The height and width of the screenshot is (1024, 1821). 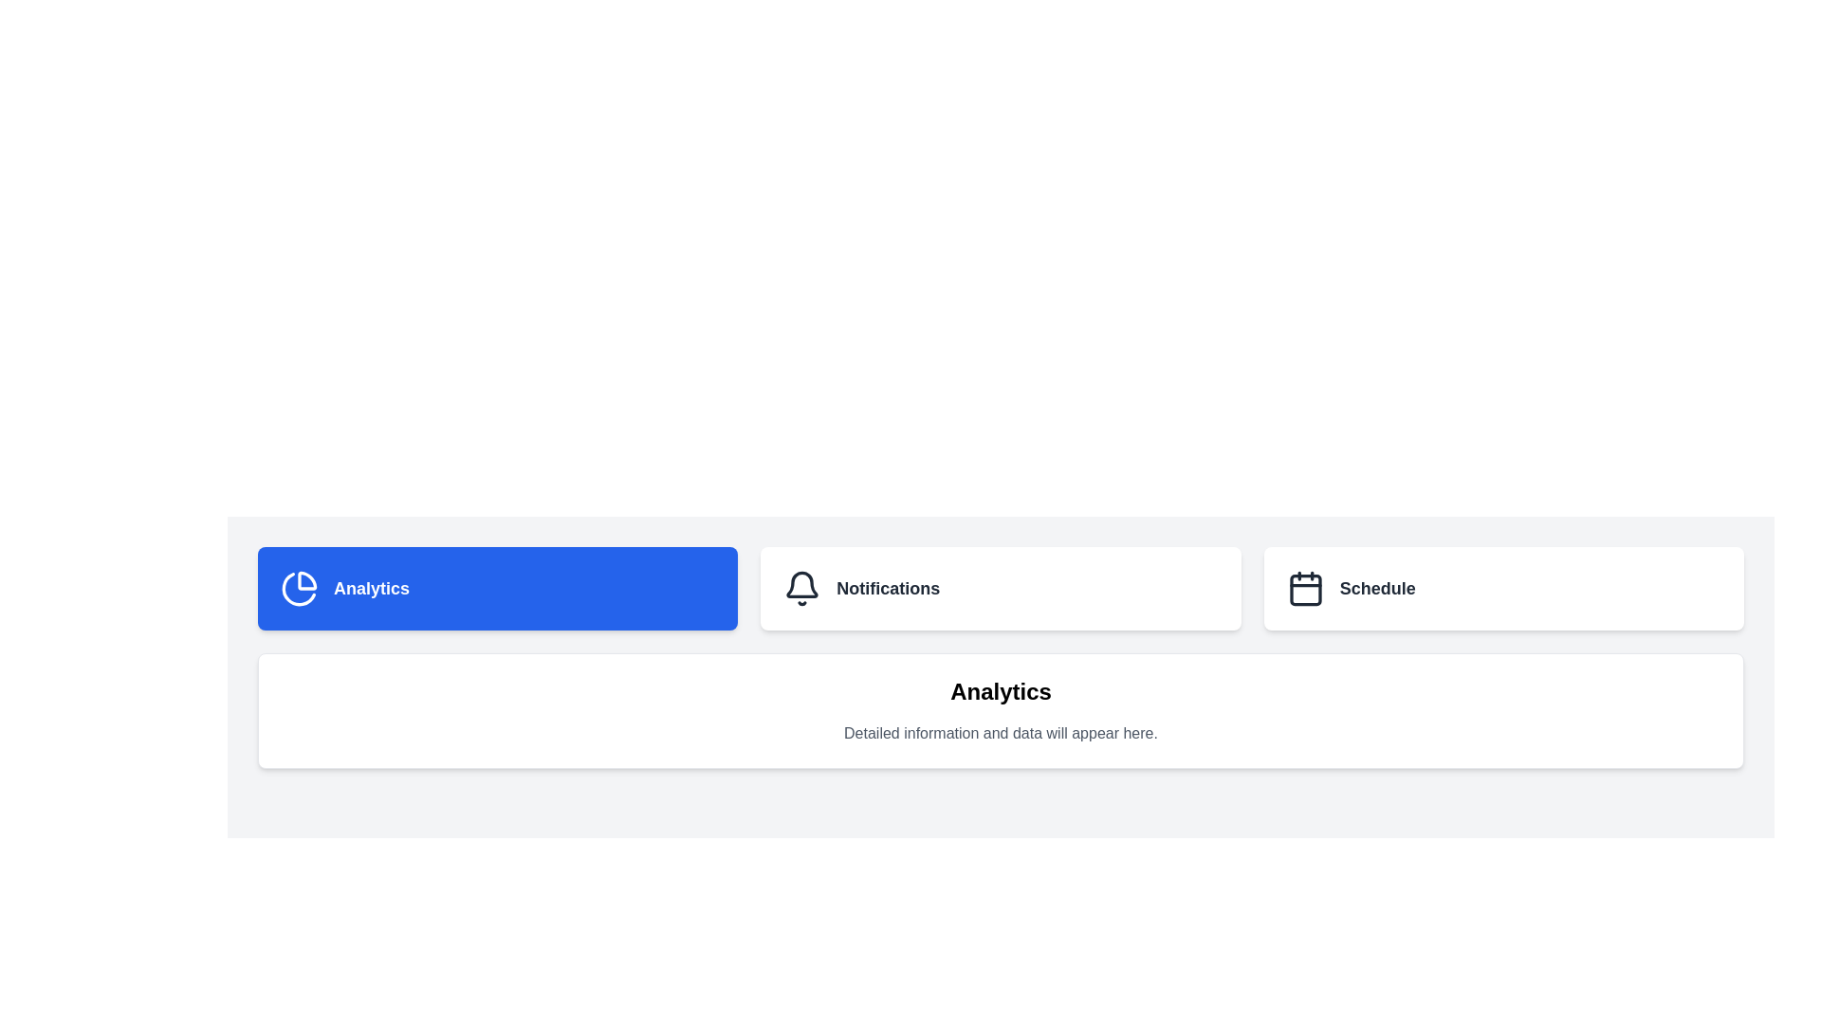 What do you see at coordinates (1000, 691) in the screenshot?
I see `the bold black text label displaying 'Analytics' in a large font size, which is centered within a white rectangular card with rounded corners and shadow effect` at bounding box center [1000, 691].